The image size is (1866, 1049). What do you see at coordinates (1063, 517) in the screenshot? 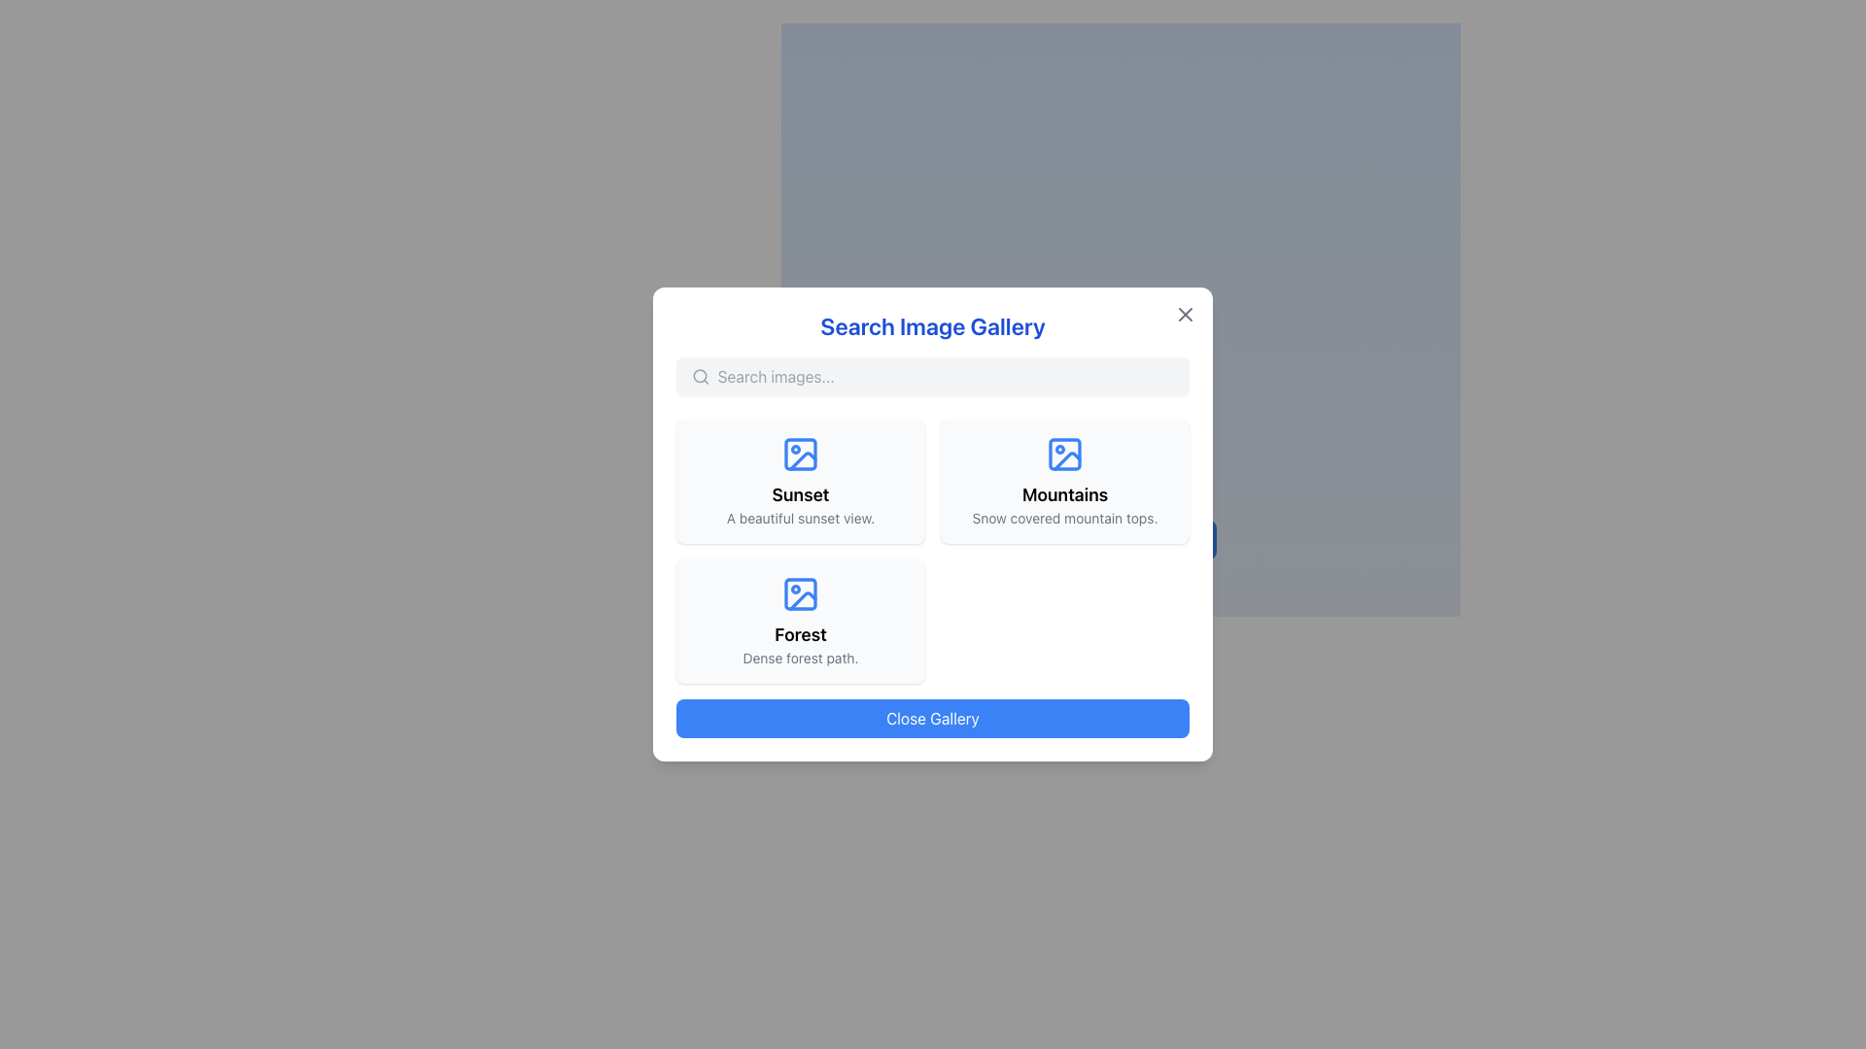
I see `the static text label that provides additional context about the 'Mountains' image category, located within the top right section of the popup modal` at bounding box center [1063, 517].